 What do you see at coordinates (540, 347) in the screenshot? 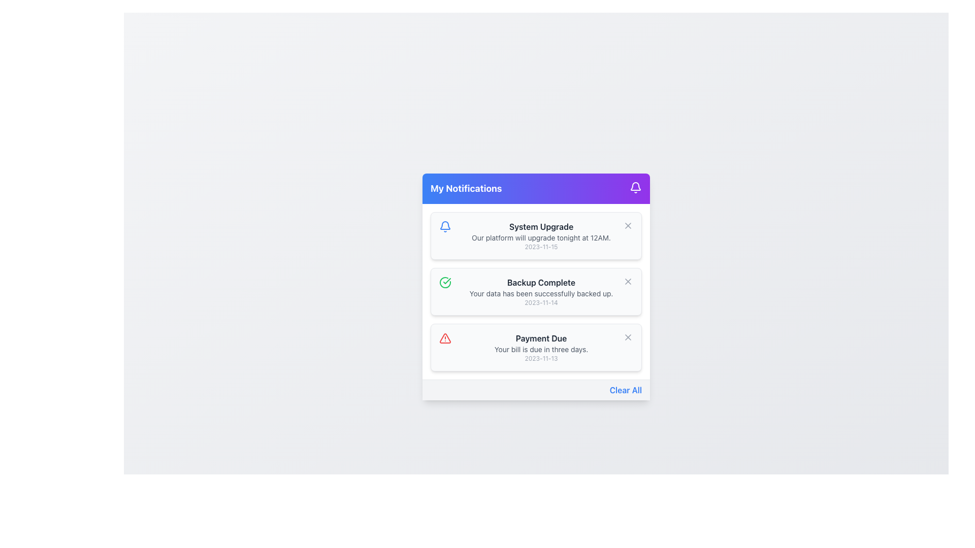
I see `the textual information card that provides due status of a bill, positioned below a red warning icon and above the close button in the 'My Notifications' panel` at bounding box center [540, 347].